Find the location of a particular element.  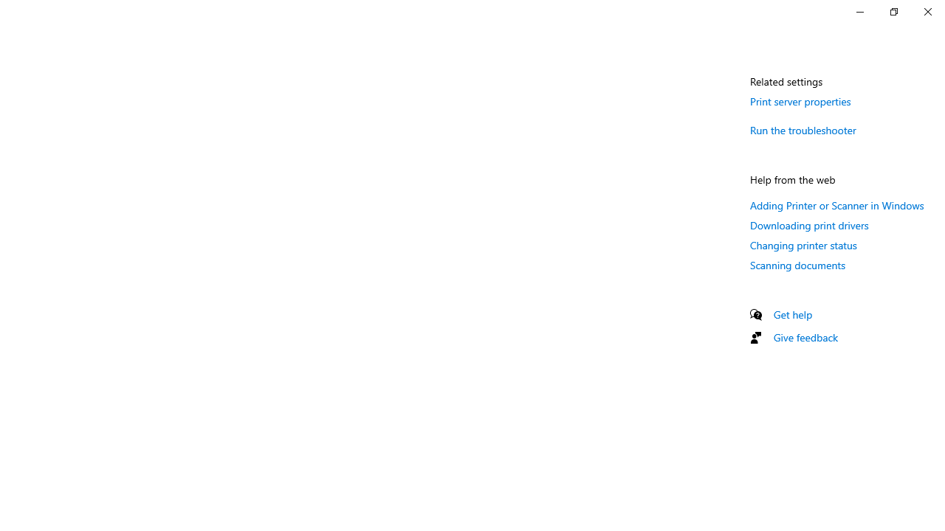

'Print server properties' is located at coordinates (800, 100).